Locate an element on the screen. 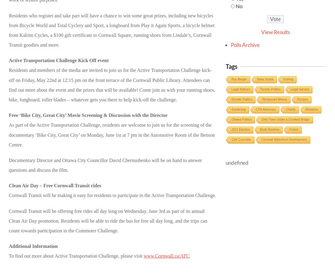 The width and height of the screenshot is (335, 275). 'No' is located at coordinates (235, 5).